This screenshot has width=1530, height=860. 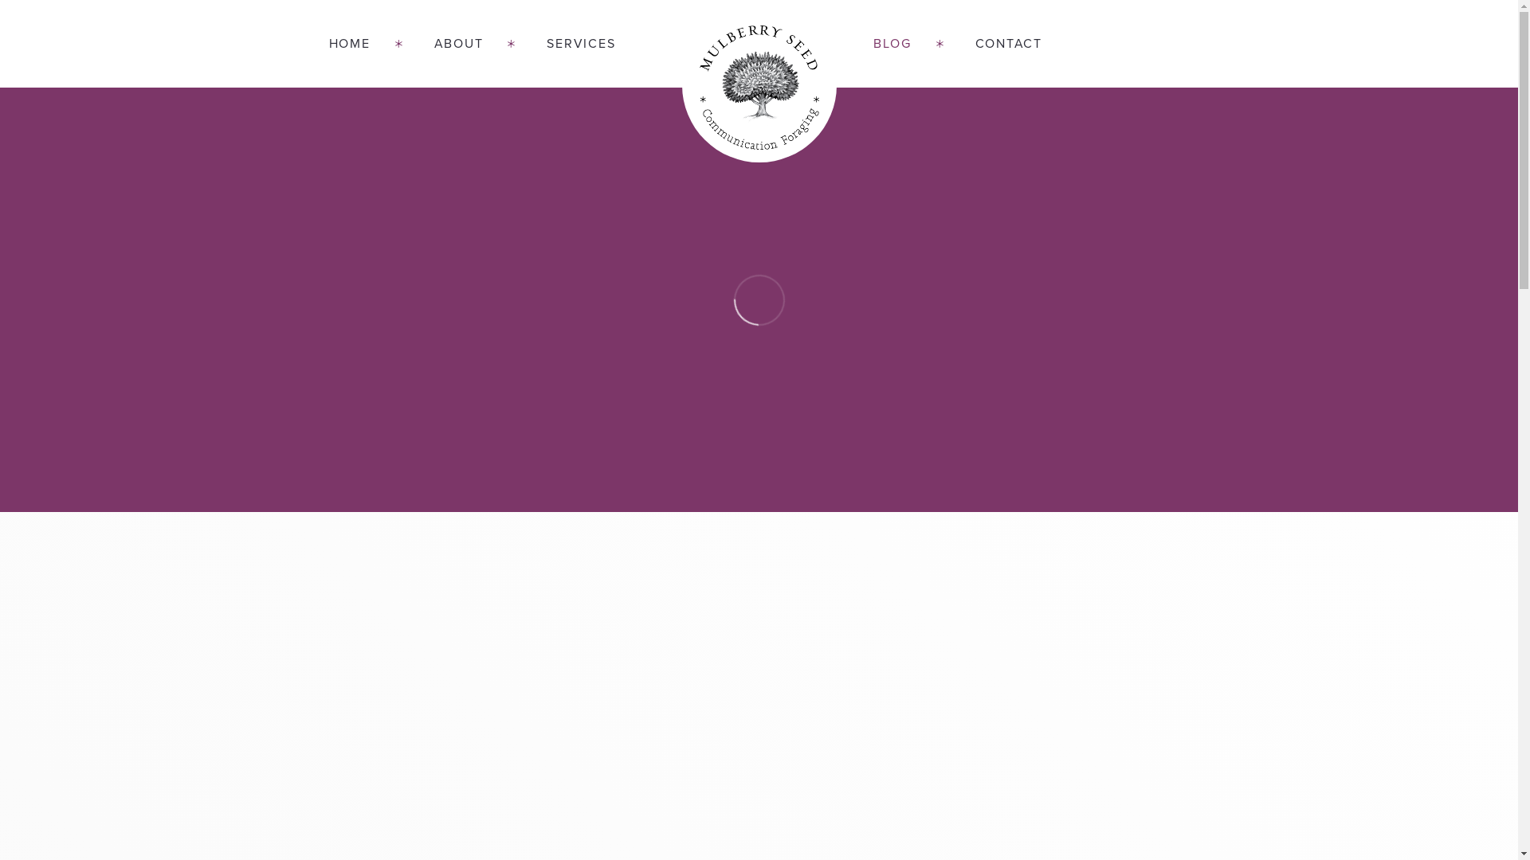 I want to click on 'ABOUT', so click(x=402, y=42).